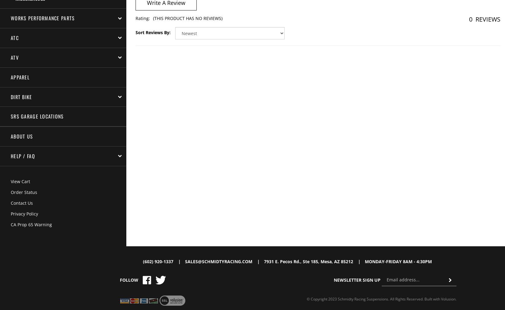 The image size is (505, 310). What do you see at coordinates (309, 261) in the screenshot?
I see `'7931 E. Pecos Rd., Ste 185, Mesa, AZ 85212'` at bounding box center [309, 261].